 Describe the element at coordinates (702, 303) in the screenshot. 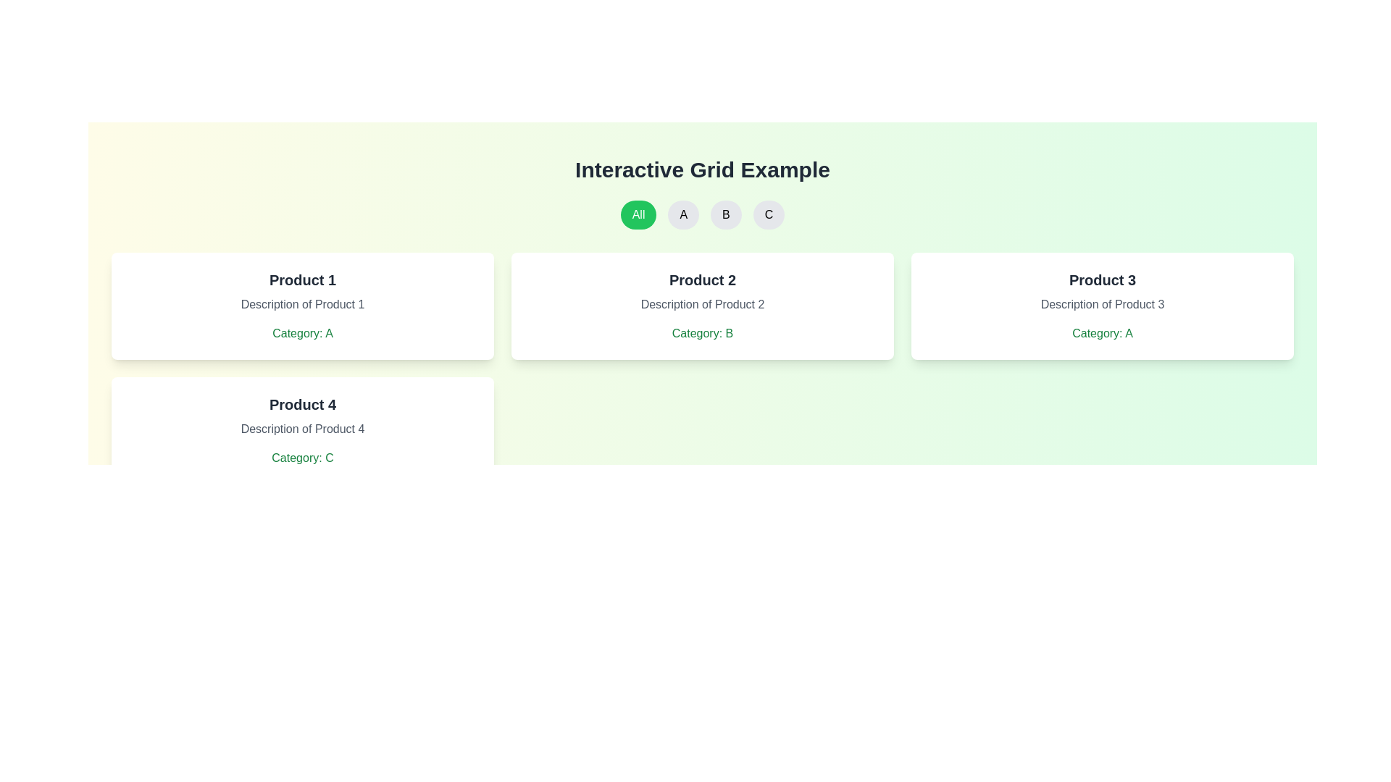

I see `the description text for 'Product 2', which is located in the central product card directly below the title and above the category indicator` at that location.